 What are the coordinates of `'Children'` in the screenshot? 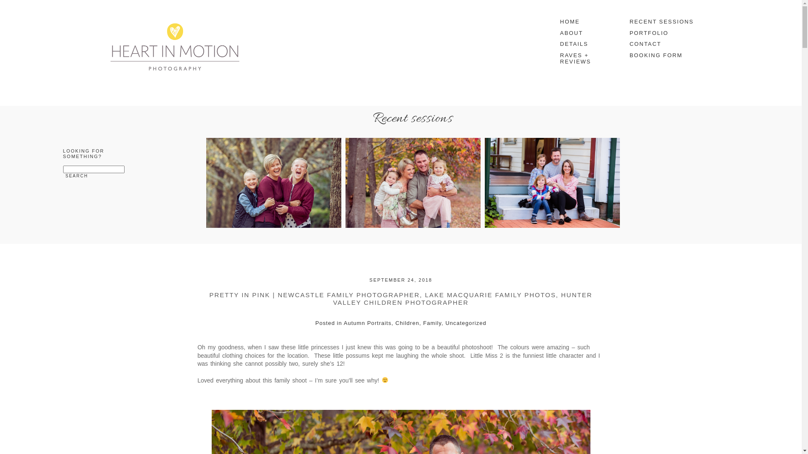 It's located at (407, 322).